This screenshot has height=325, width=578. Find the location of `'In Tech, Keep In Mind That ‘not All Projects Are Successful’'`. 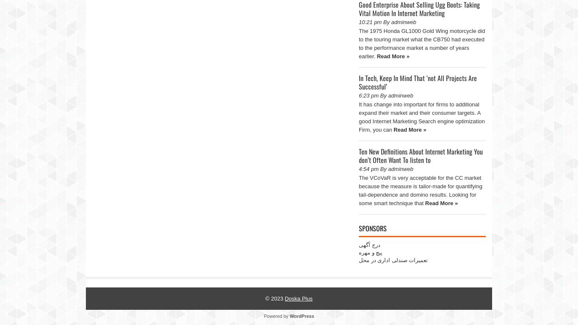

'In Tech, Keep In Mind That ‘not All Projects Are Successful’' is located at coordinates (418, 81).